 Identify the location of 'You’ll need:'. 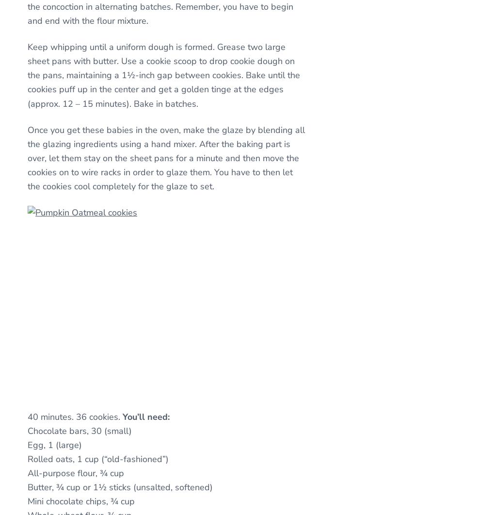
(145, 416).